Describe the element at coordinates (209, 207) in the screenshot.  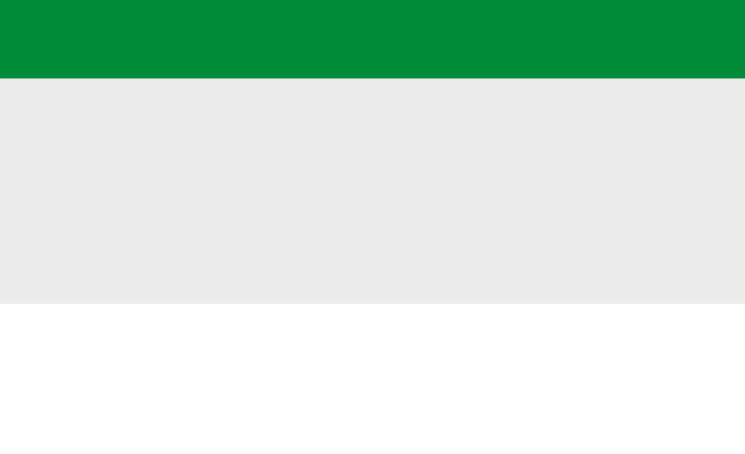
I see `'CCMC # 12894-L: Compliant to ULC-S701.1:17, EPS type 1'` at that location.